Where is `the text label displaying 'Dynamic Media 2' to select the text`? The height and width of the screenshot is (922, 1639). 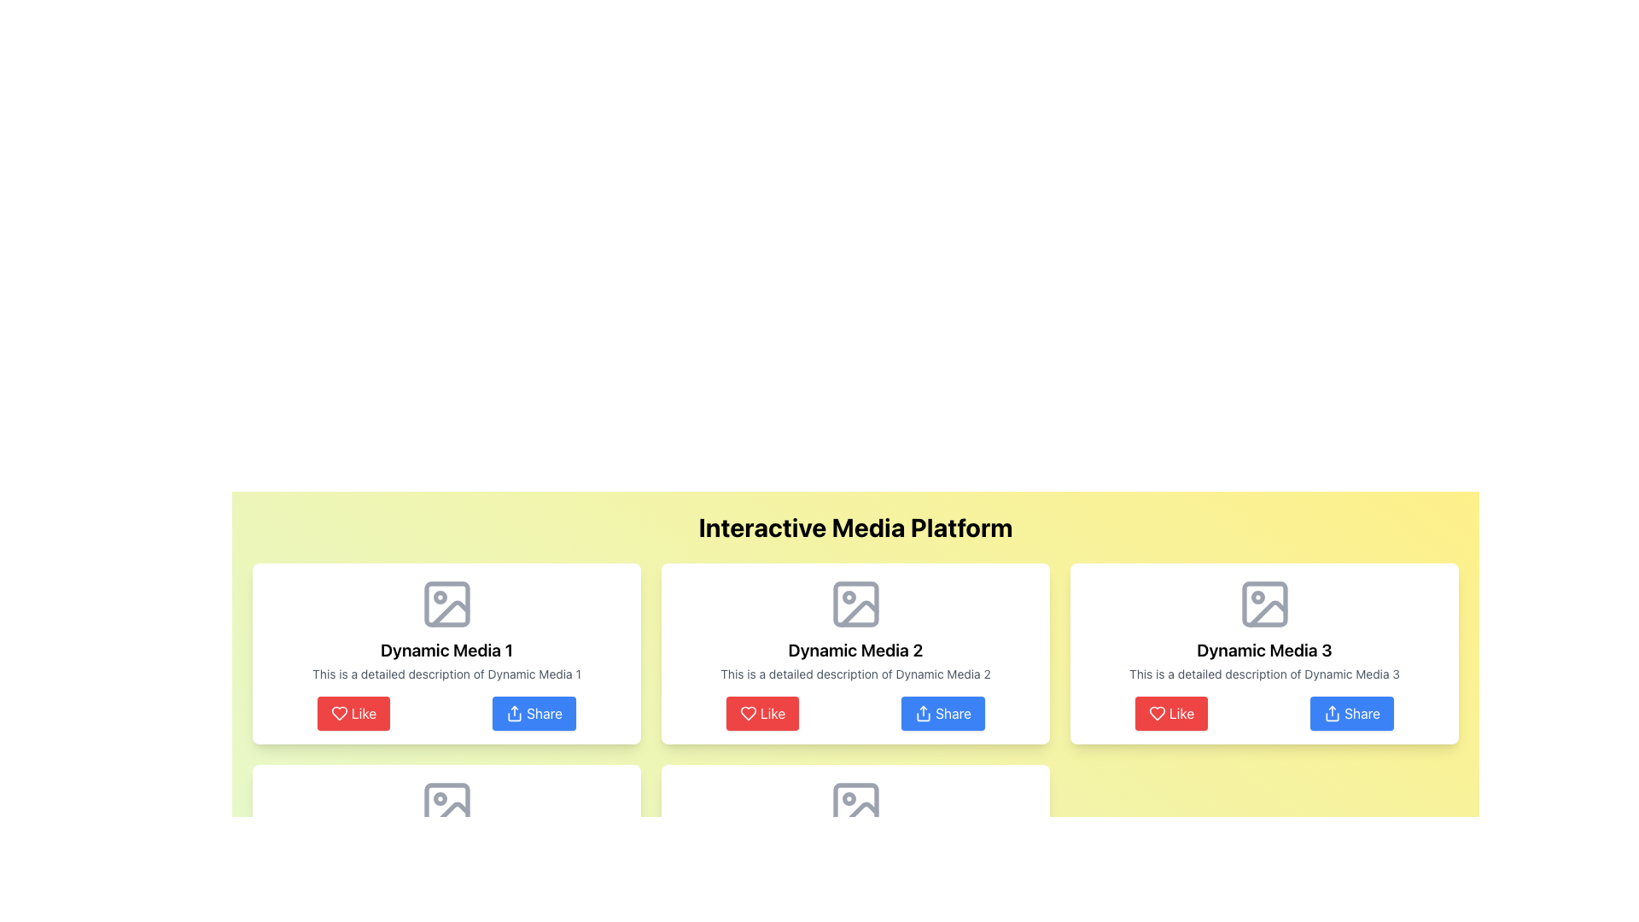 the text label displaying 'Dynamic Media 2' to select the text is located at coordinates (855, 651).